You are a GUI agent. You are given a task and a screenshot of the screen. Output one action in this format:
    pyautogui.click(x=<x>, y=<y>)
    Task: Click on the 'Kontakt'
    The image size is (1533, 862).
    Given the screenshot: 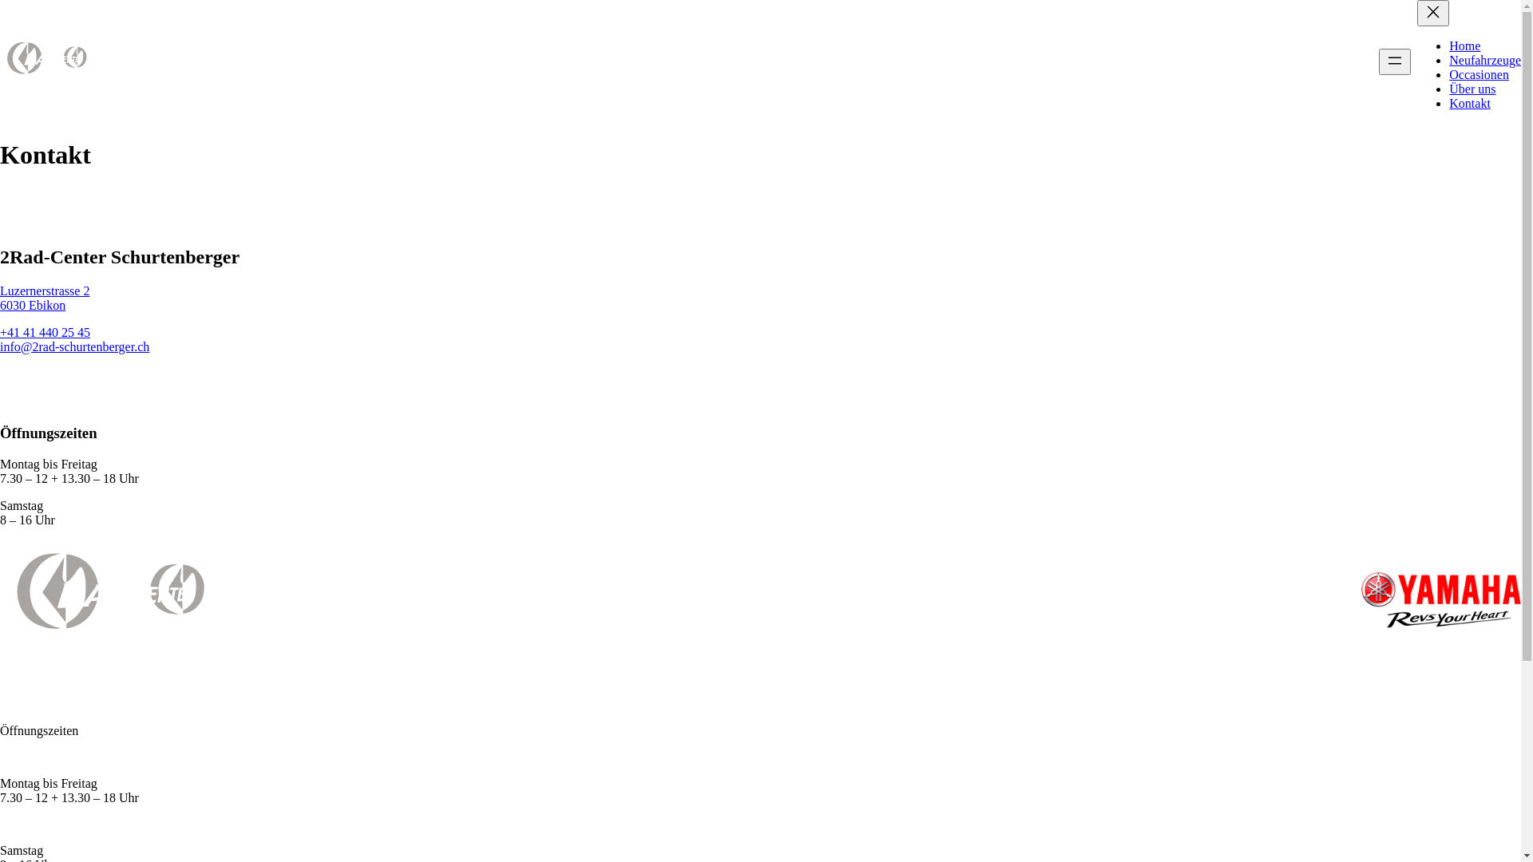 What is the action you would take?
    pyautogui.click(x=1469, y=103)
    